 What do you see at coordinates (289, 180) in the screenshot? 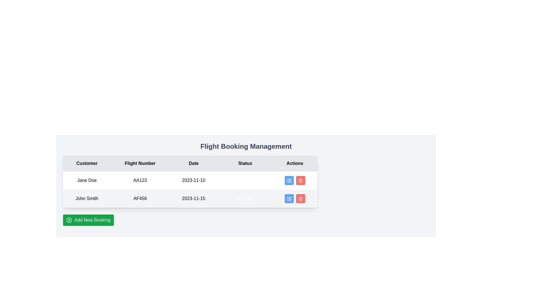
I see `the blue square button containing the pen icon` at bounding box center [289, 180].